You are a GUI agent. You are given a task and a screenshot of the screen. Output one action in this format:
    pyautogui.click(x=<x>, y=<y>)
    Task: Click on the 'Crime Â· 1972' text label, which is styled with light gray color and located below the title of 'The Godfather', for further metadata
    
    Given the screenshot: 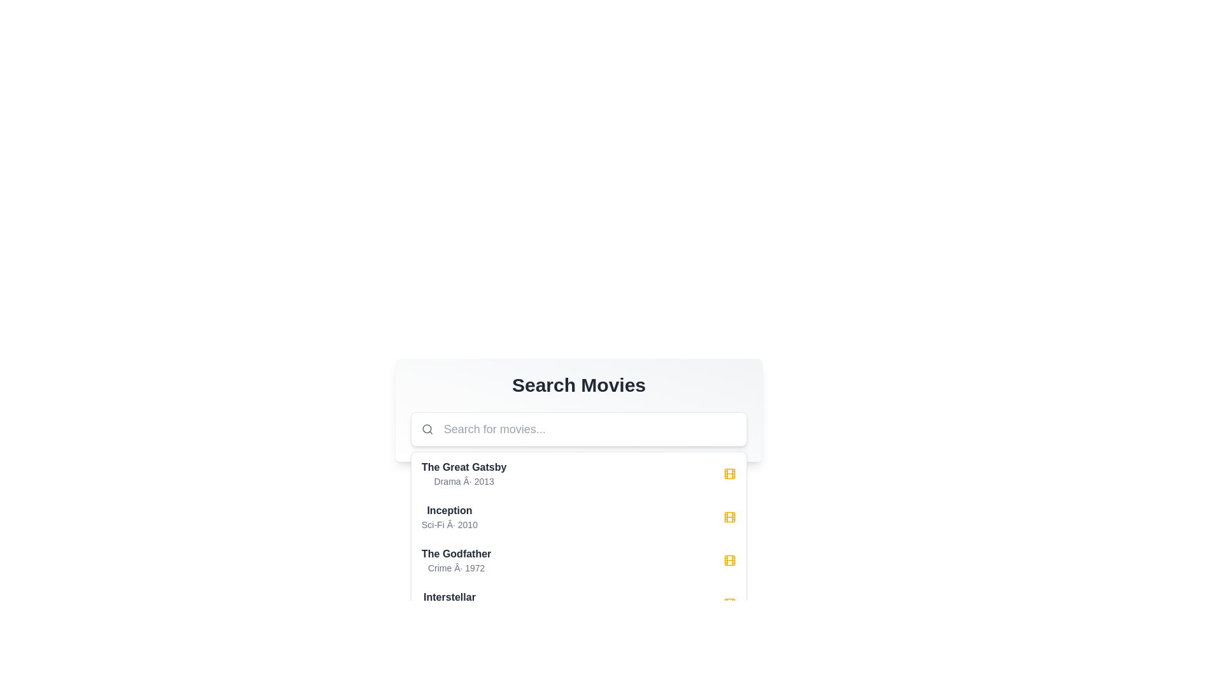 What is the action you would take?
    pyautogui.click(x=456, y=567)
    